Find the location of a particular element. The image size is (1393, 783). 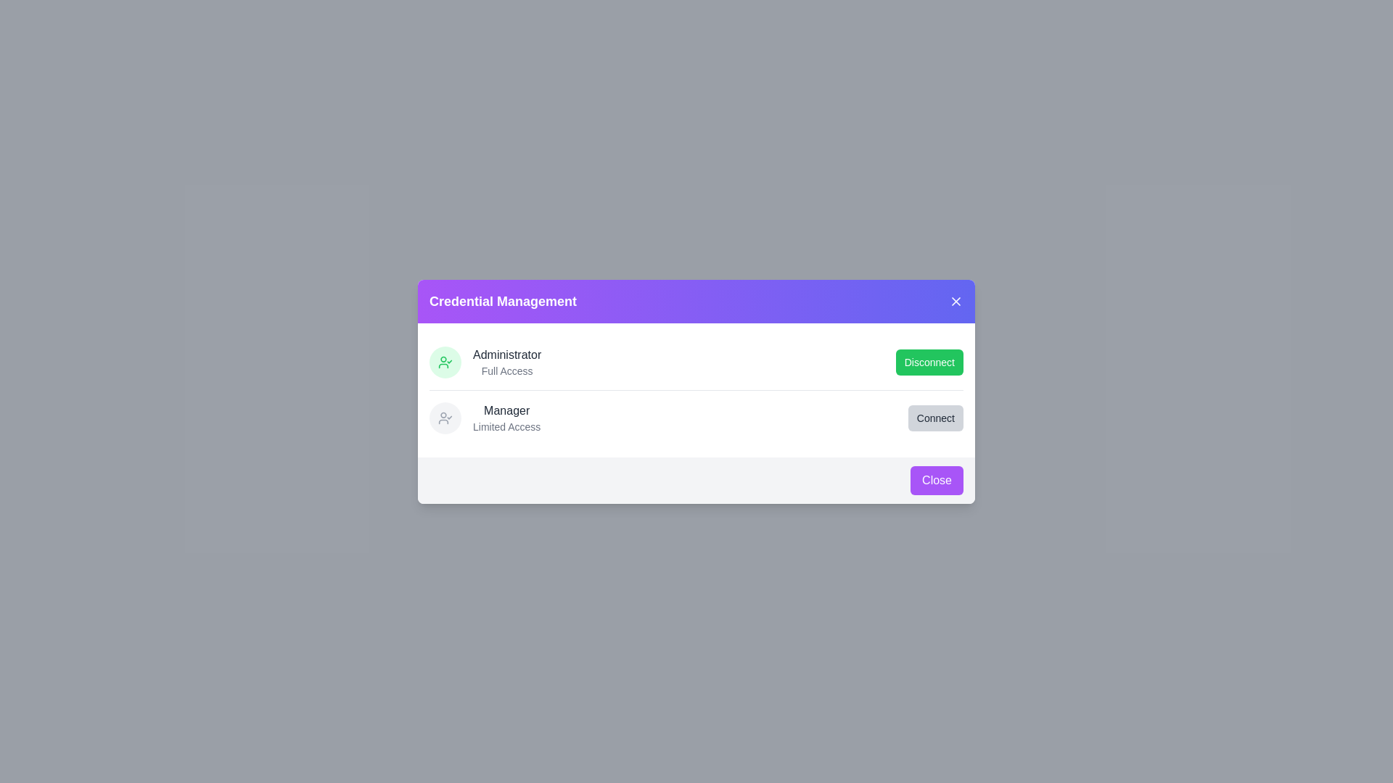

the displayed information of the Informational list item component titled 'Manager' with the subtitle 'Limited Access', which is located in the middle of the list, below the 'Administrator' entry and above the 'Connect' button is located at coordinates (485, 418).